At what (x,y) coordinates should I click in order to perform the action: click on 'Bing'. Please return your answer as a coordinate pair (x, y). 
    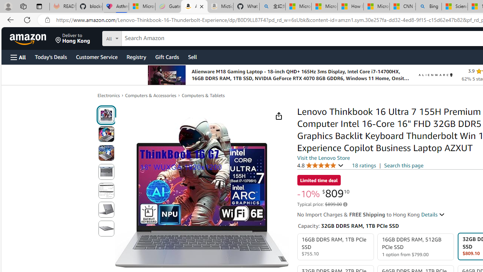
    Looking at the image, I should click on (429, 6).